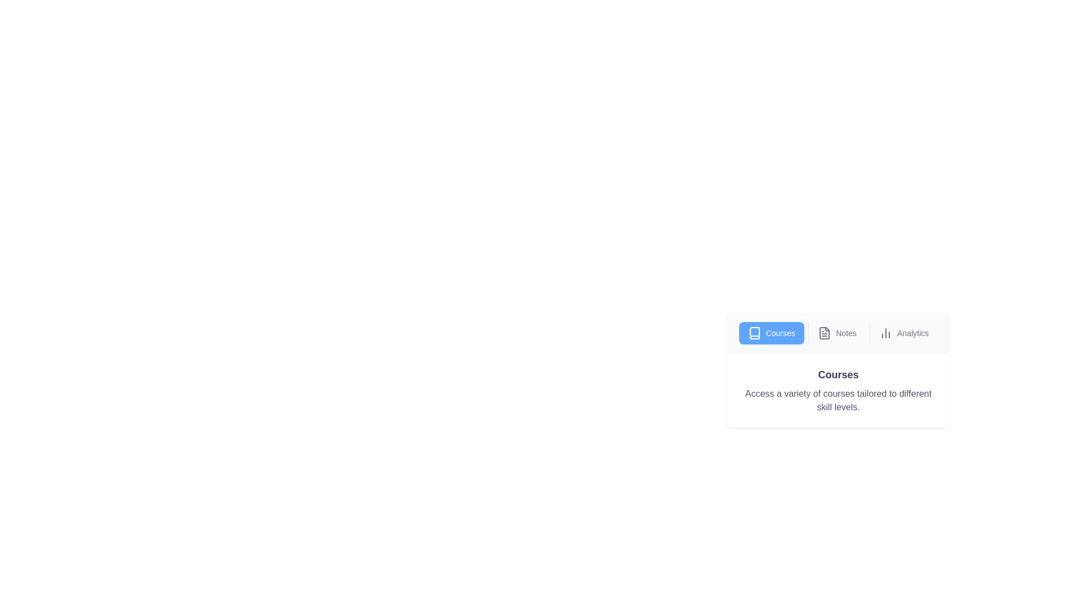 Image resolution: width=1080 pixels, height=607 pixels. I want to click on the Courses tab by clicking on its button, so click(771, 333).